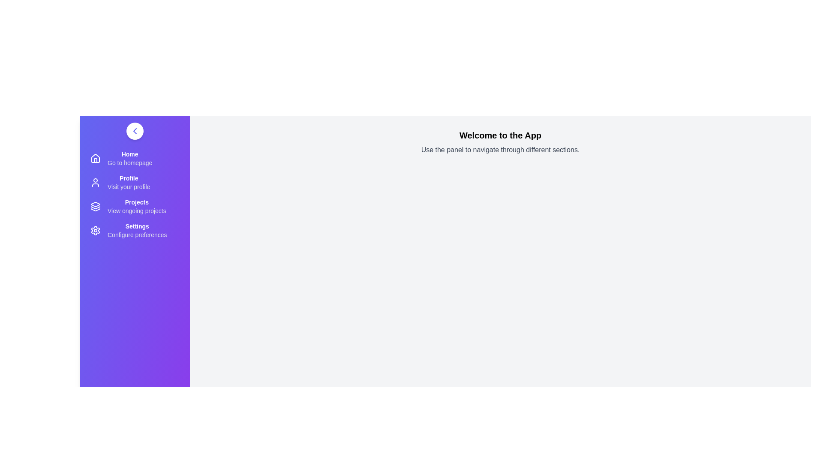 Image resolution: width=823 pixels, height=463 pixels. I want to click on toggle button to open or close the navigation drawer, so click(135, 131).